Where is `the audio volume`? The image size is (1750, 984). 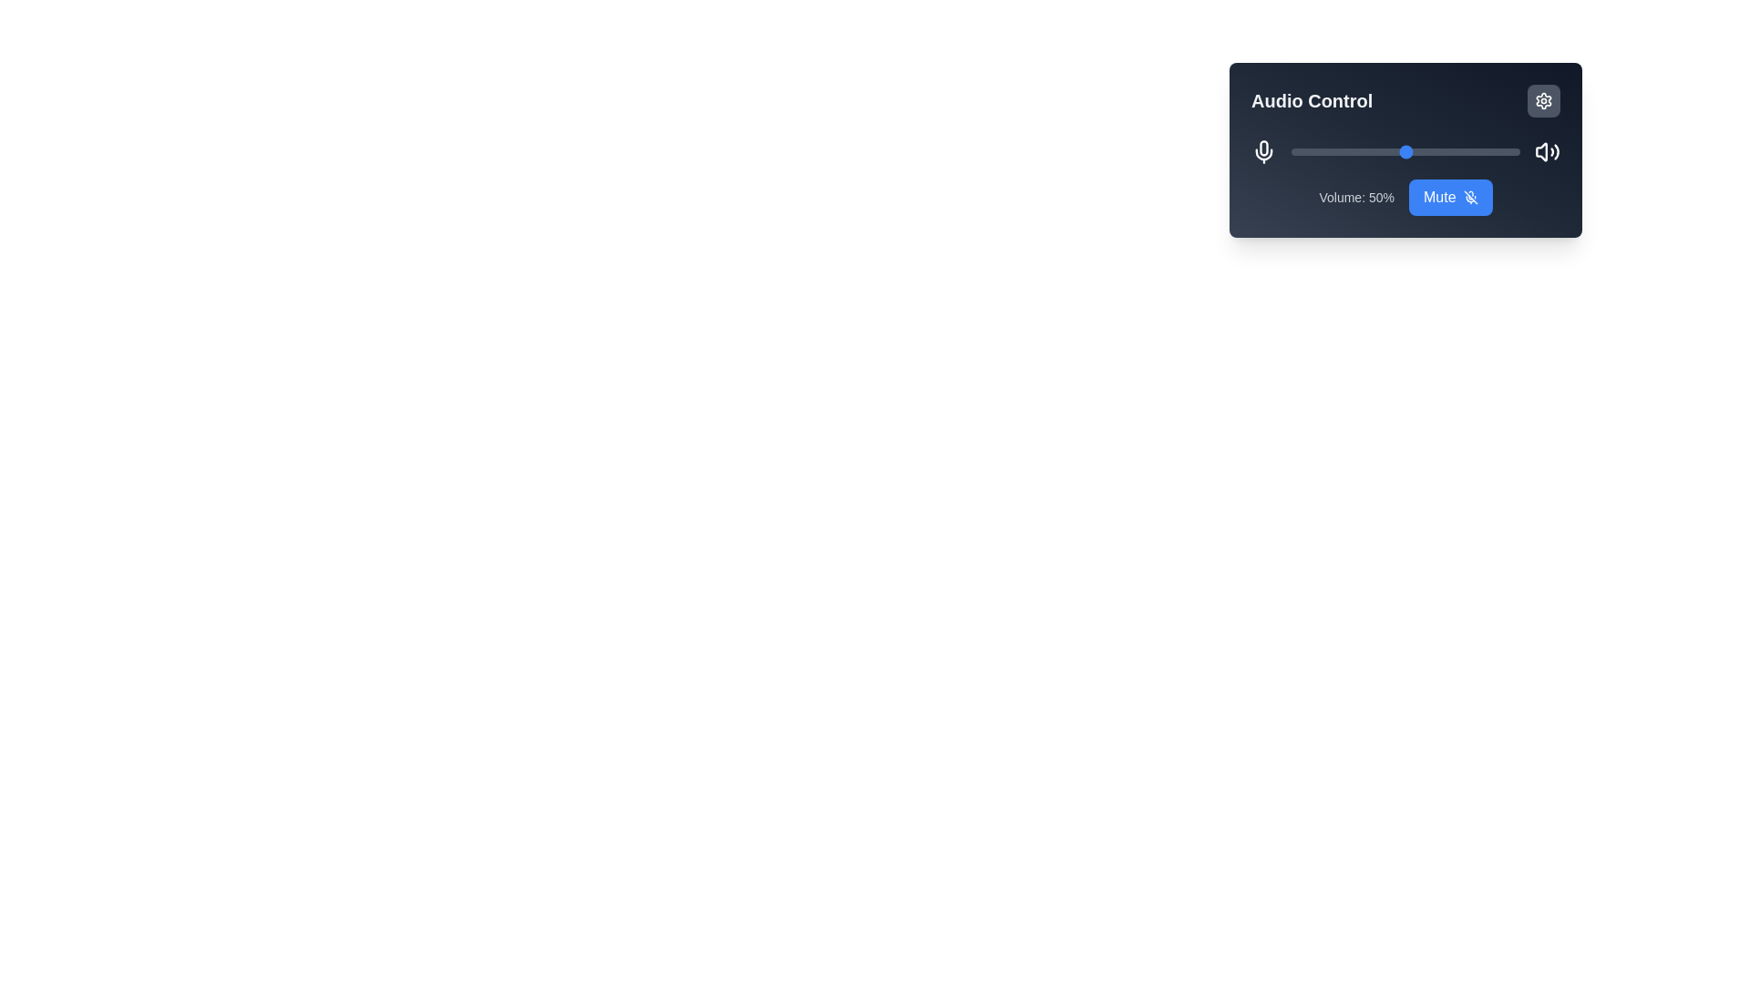 the audio volume is located at coordinates (1375, 150).